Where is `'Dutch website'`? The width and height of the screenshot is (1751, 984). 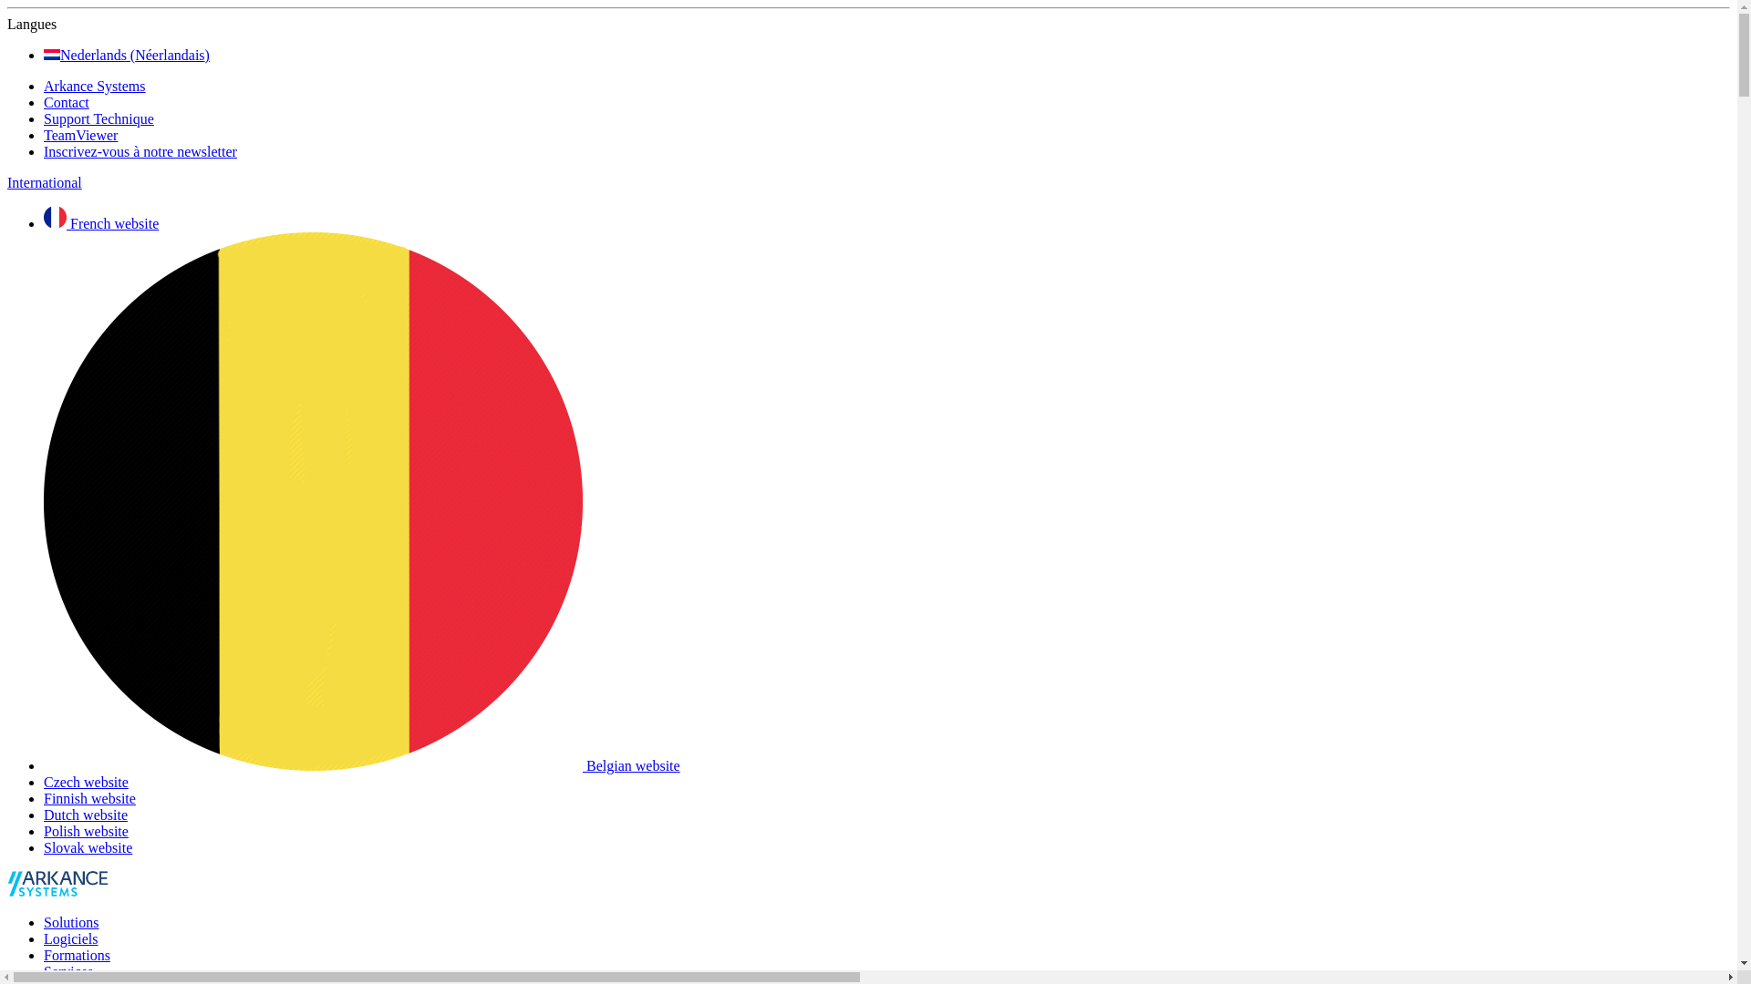 'Dutch website' is located at coordinates (85, 814).